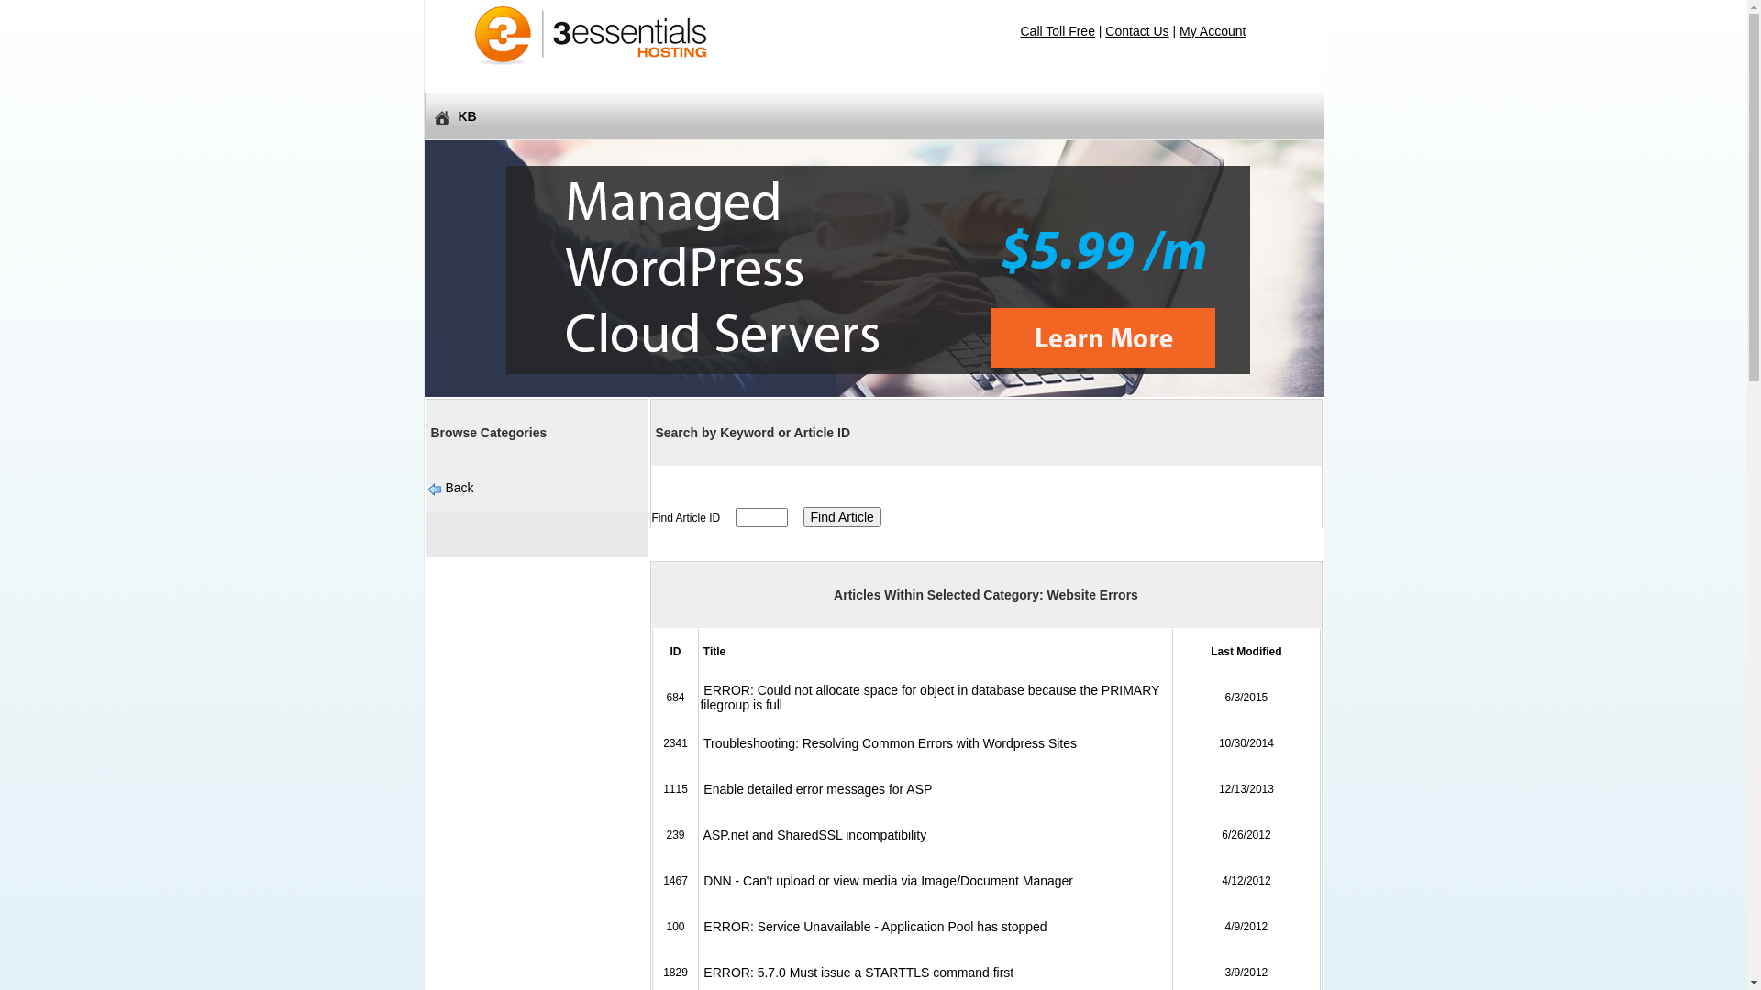 The height and width of the screenshot is (990, 1761). Describe the element at coordinates (871, 116) in the screenshot. I see `'KB'` at that location.